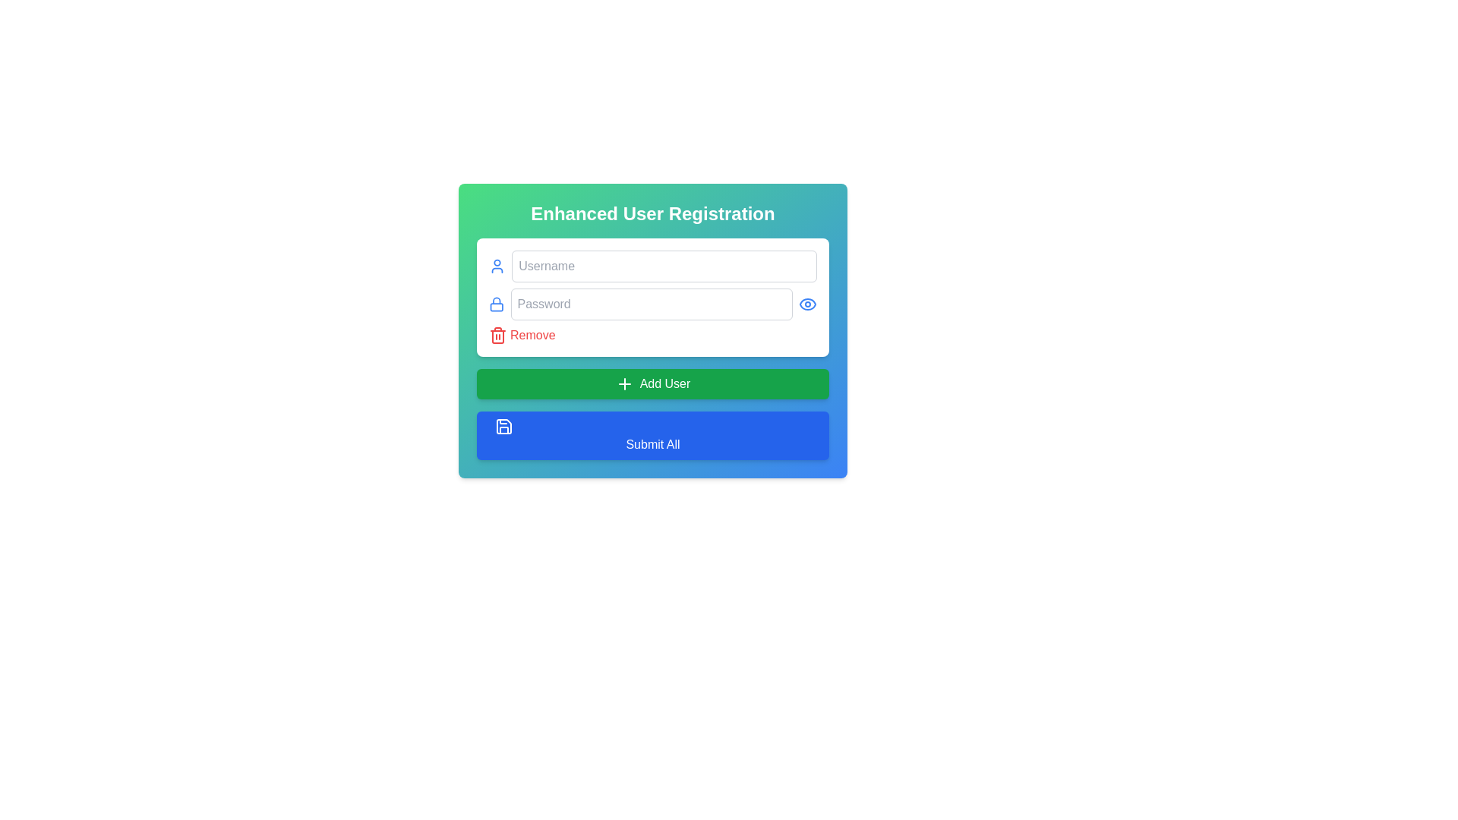 This screenshot has height=820, width=1458. Describe the element at coordinates (652, 436) in the screenshot. I see `the wide rectangular blue button labeled 'Submit All' with a save icon` at that location.